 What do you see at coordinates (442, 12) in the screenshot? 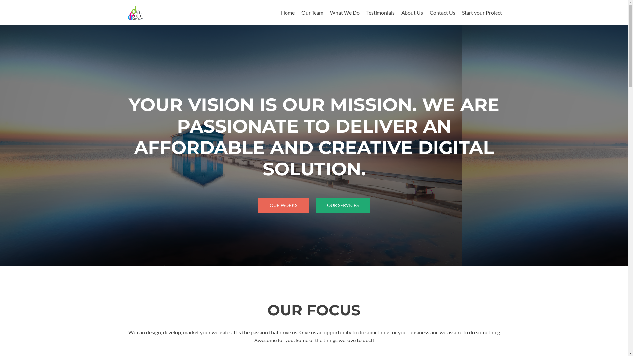
I see `'Contact Us'` at bounding box center [442, 12].